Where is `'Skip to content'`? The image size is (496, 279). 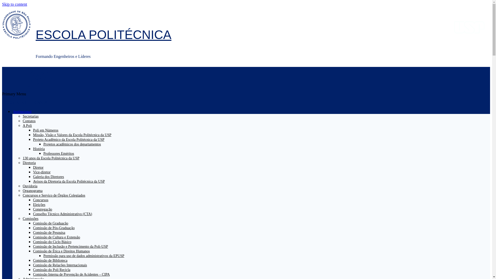
'Skip to content' is located at coordinates (14, 4).